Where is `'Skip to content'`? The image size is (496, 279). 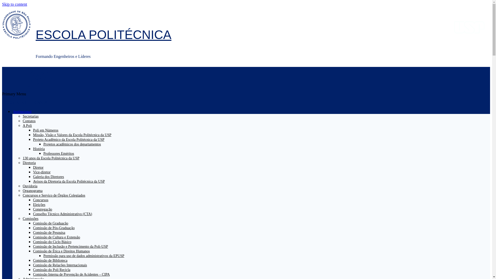
'Skip to content' is located at coordinates (14, 4).